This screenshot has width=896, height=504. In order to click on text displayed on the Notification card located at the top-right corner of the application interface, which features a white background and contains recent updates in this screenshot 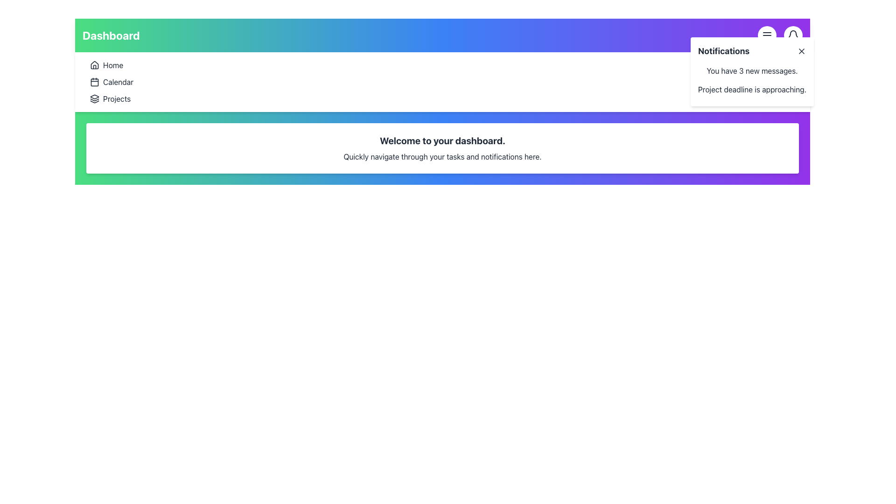, I will do `click(752, 71)`.